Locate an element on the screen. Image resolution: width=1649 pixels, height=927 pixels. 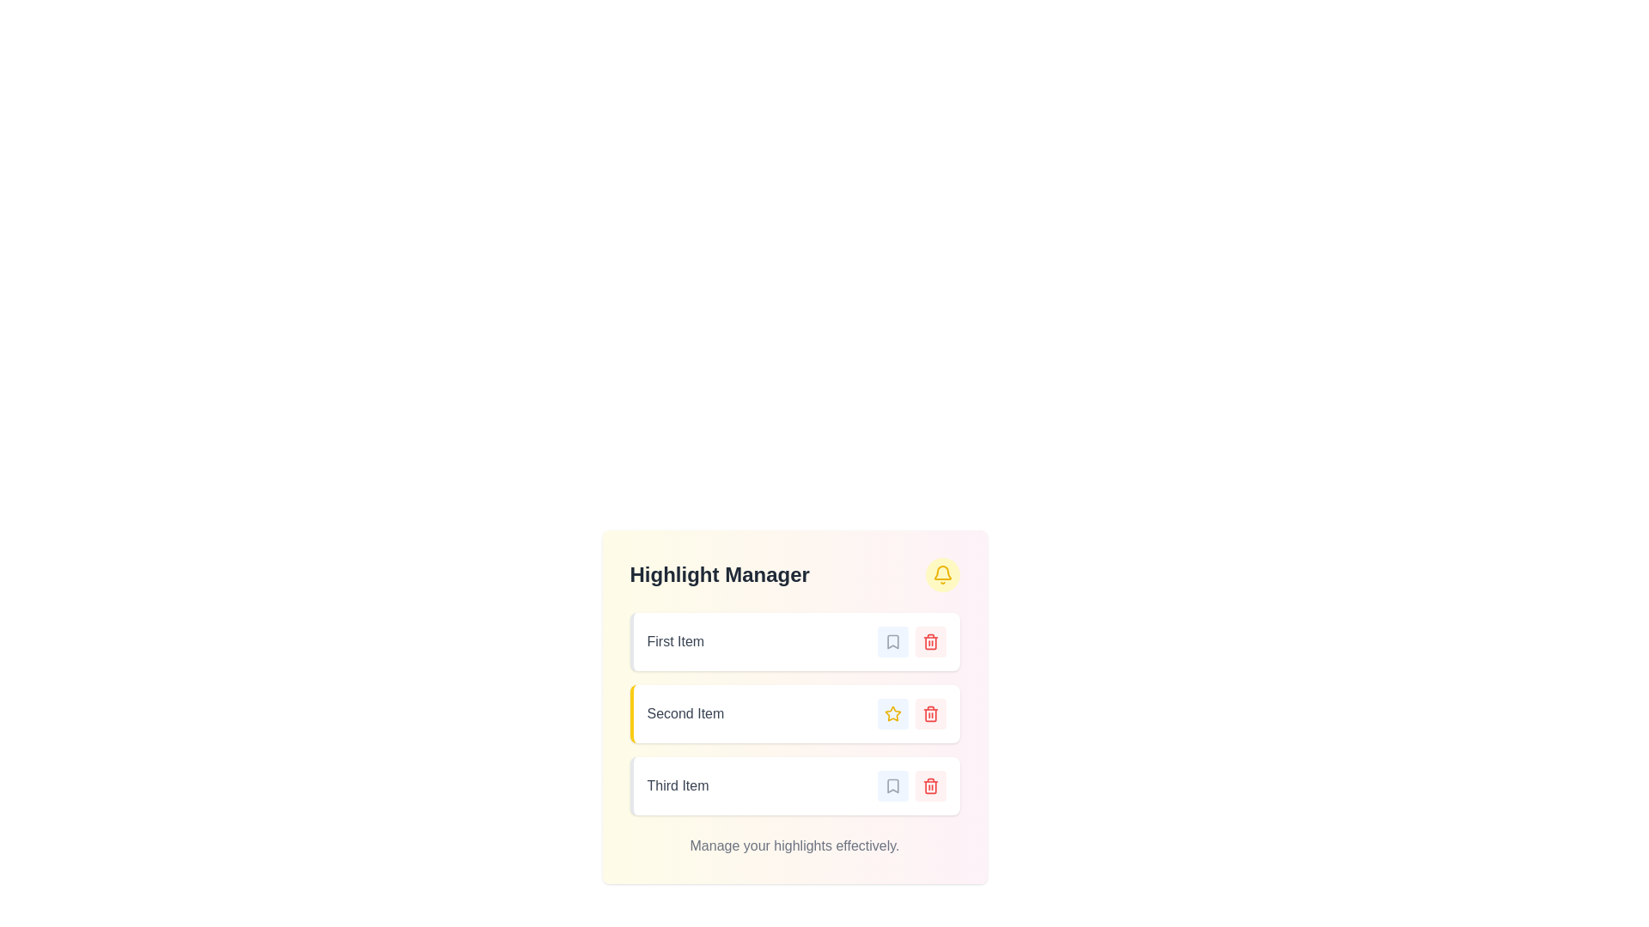
the first bookmark button located to the right of the text label 'First Item' and immediately before the red trash icon button is located at coordinates (892, 642).